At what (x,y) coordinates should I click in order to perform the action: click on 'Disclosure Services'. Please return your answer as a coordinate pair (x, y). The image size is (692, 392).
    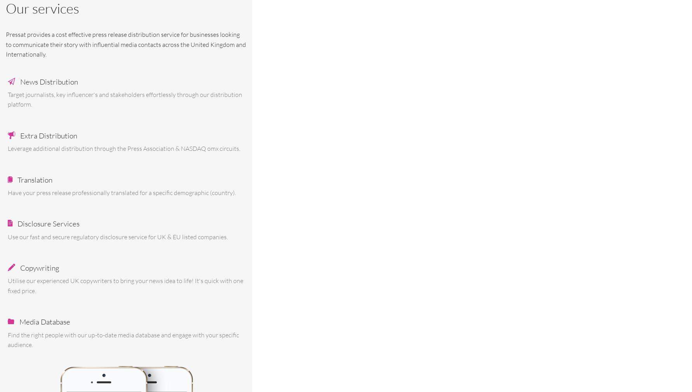
    Looking at the image, I should click on (48, 223).